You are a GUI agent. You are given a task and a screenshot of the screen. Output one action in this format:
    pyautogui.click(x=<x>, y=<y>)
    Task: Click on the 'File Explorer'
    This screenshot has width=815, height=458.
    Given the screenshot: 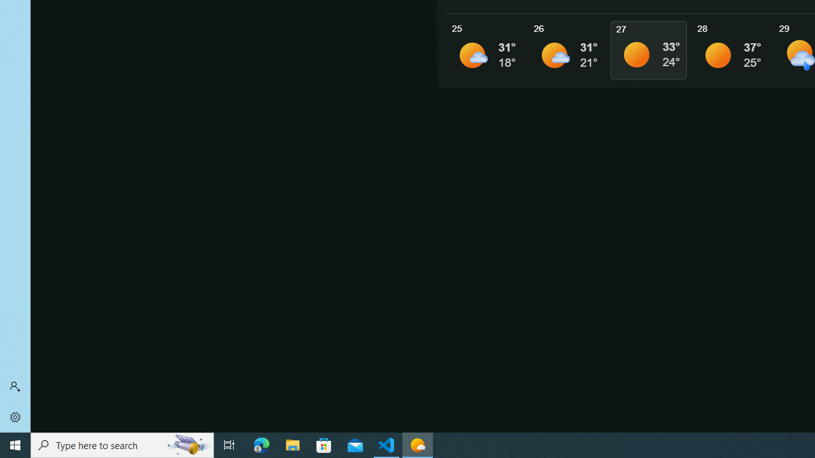 What is the action you would take?
    pyautogui.click(x=292, y=444)
    